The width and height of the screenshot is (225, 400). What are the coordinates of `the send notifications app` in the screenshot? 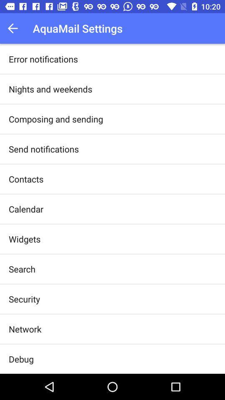 It's located at (44, 149).